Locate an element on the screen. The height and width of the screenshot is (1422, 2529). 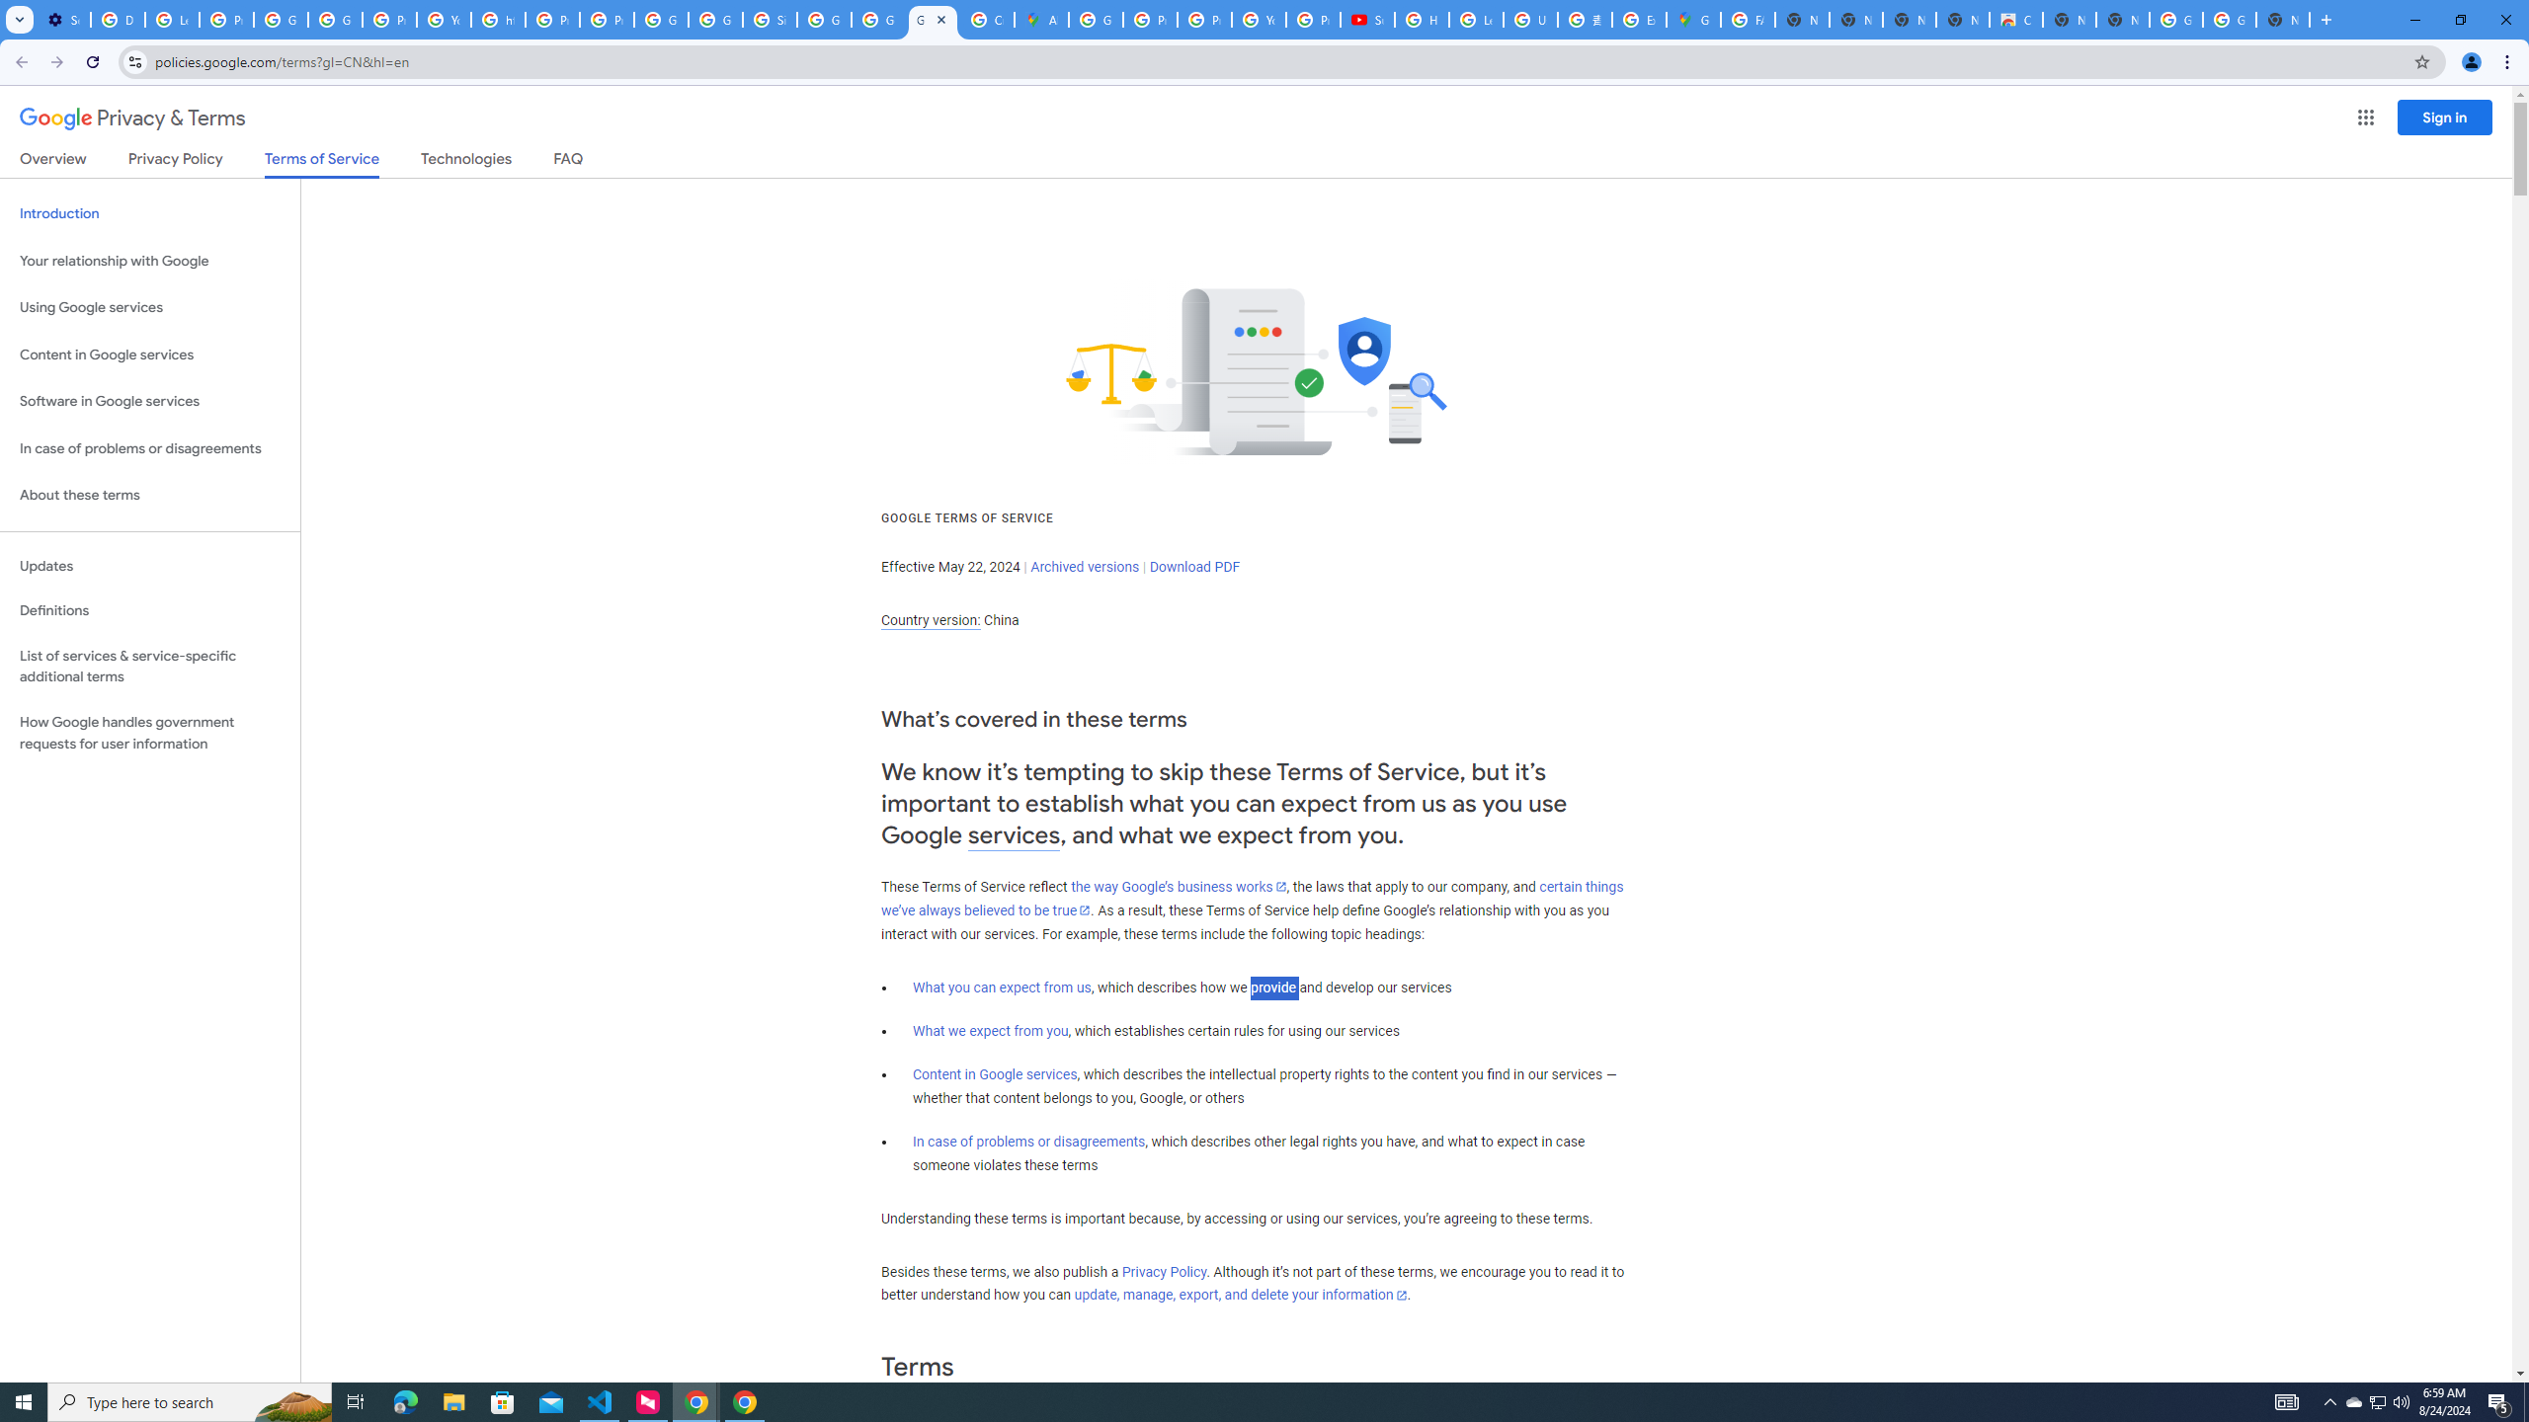
'Create your Google Account' is located at coordinates (986, 19).